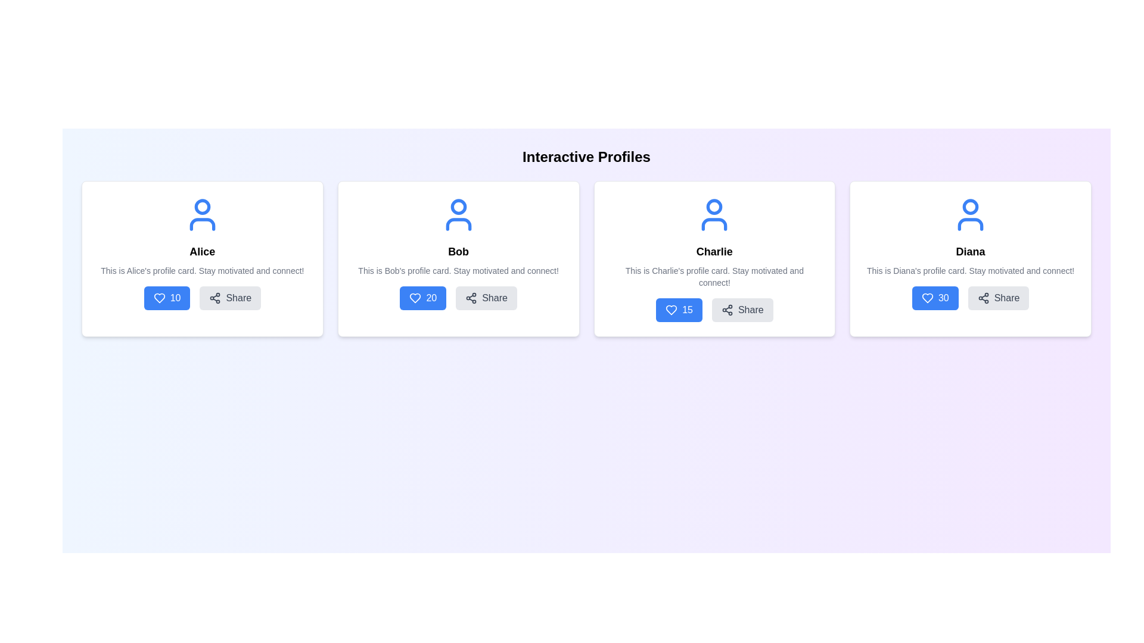 This screenshot has width=1144, height=643. Describe the element at coordinates (679, 309) in the screenshot. I see `the 'like' button located in the lower-left section of the third profile card labeled 'Charlie'` at that location.